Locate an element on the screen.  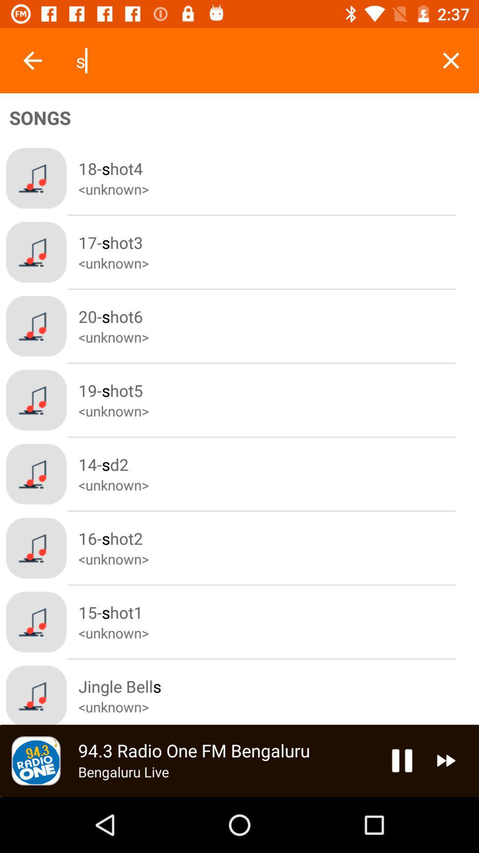
the fifth text from the top in songs is located at coordinates (278, 473).